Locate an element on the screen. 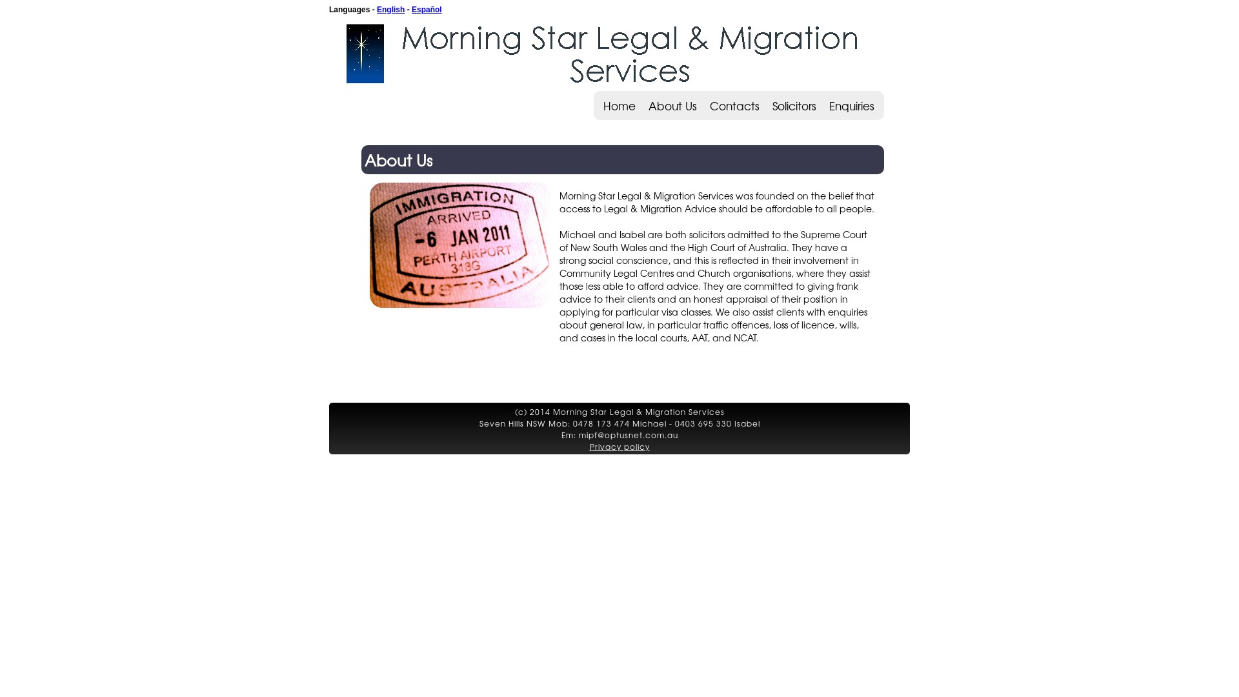 The image size is (1239, 697). 'Contacts' is located at coordinates (734, 105).